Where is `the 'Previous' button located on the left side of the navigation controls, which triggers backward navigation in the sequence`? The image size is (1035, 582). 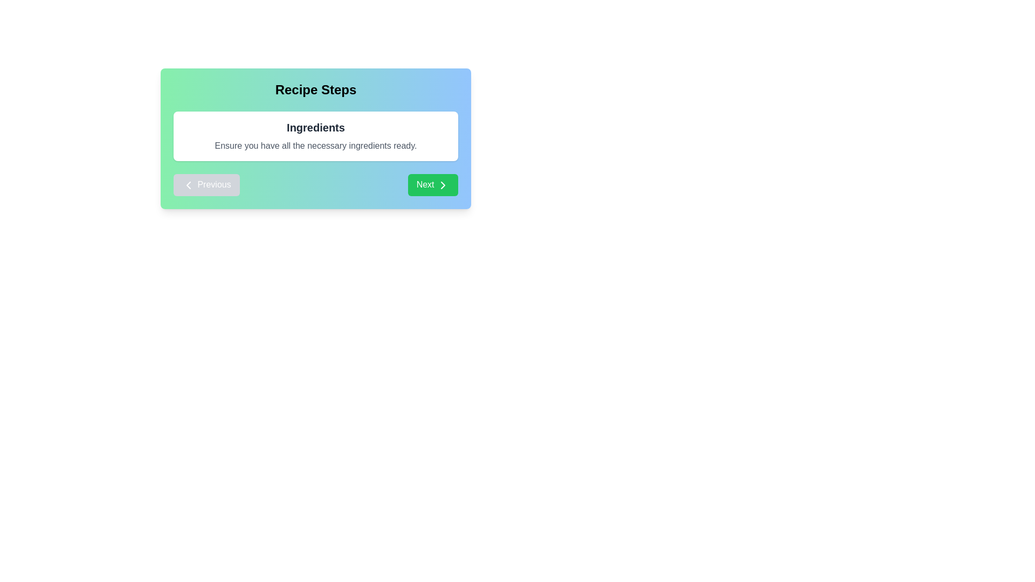
the 'Previous' button located on the left side of the navigation controls, which triggers backward navigation in the sequence is located at coordinates (206, 184).